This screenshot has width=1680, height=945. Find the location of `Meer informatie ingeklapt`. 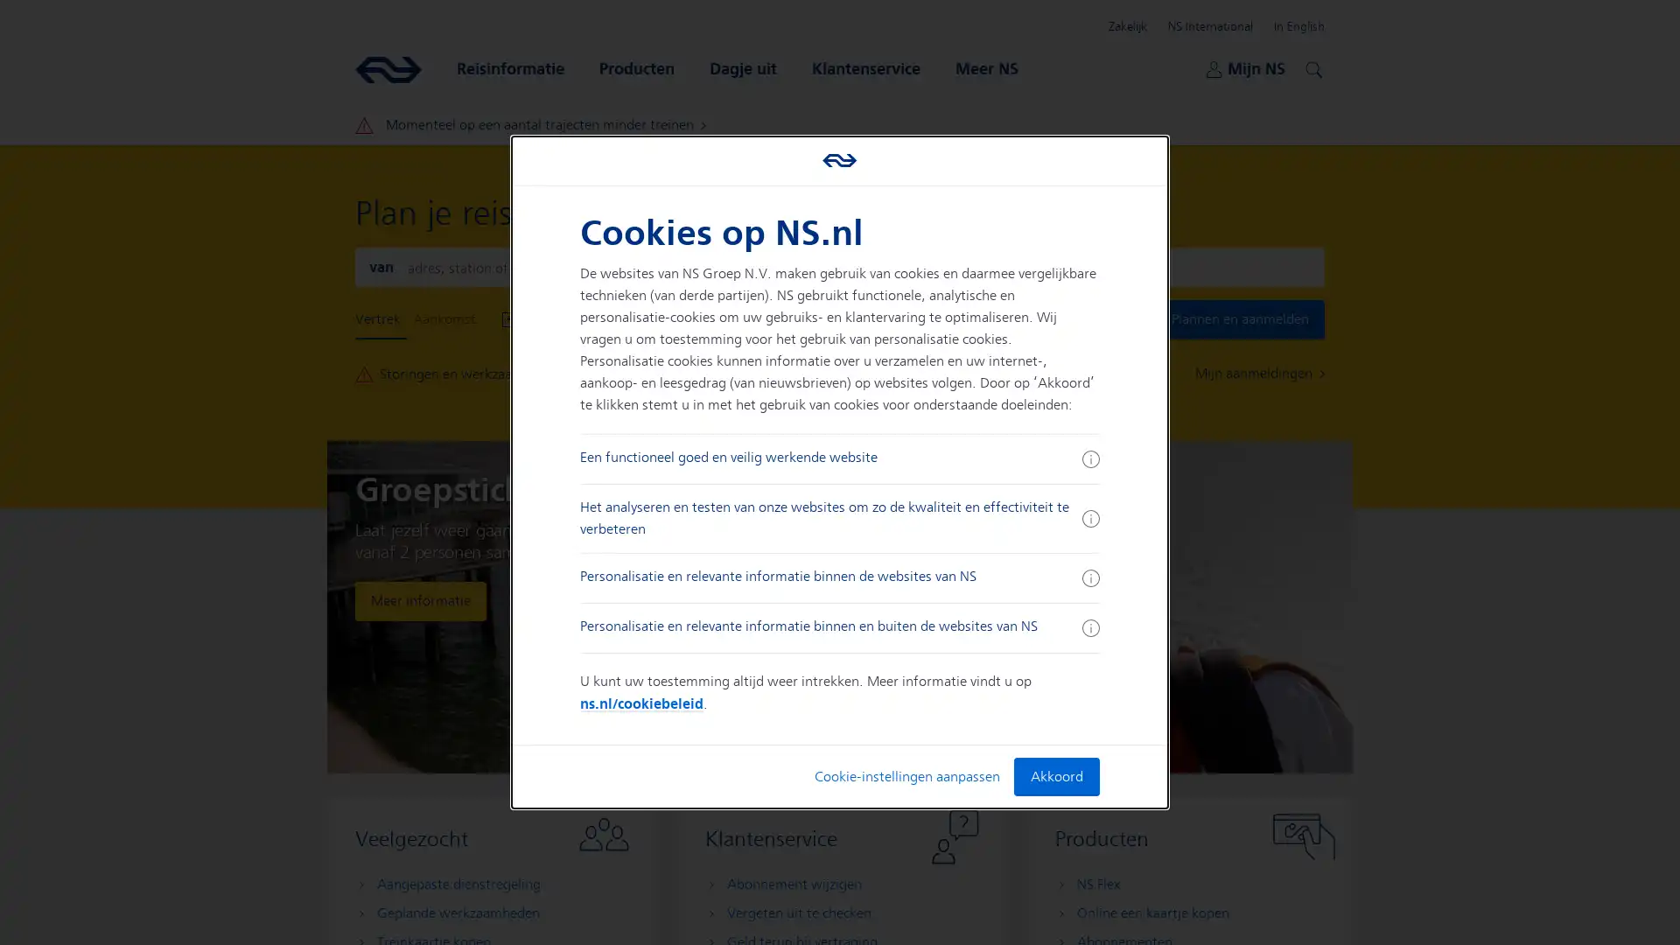

Meer informatie ingeklapt is located at coordinates (1089, 626).